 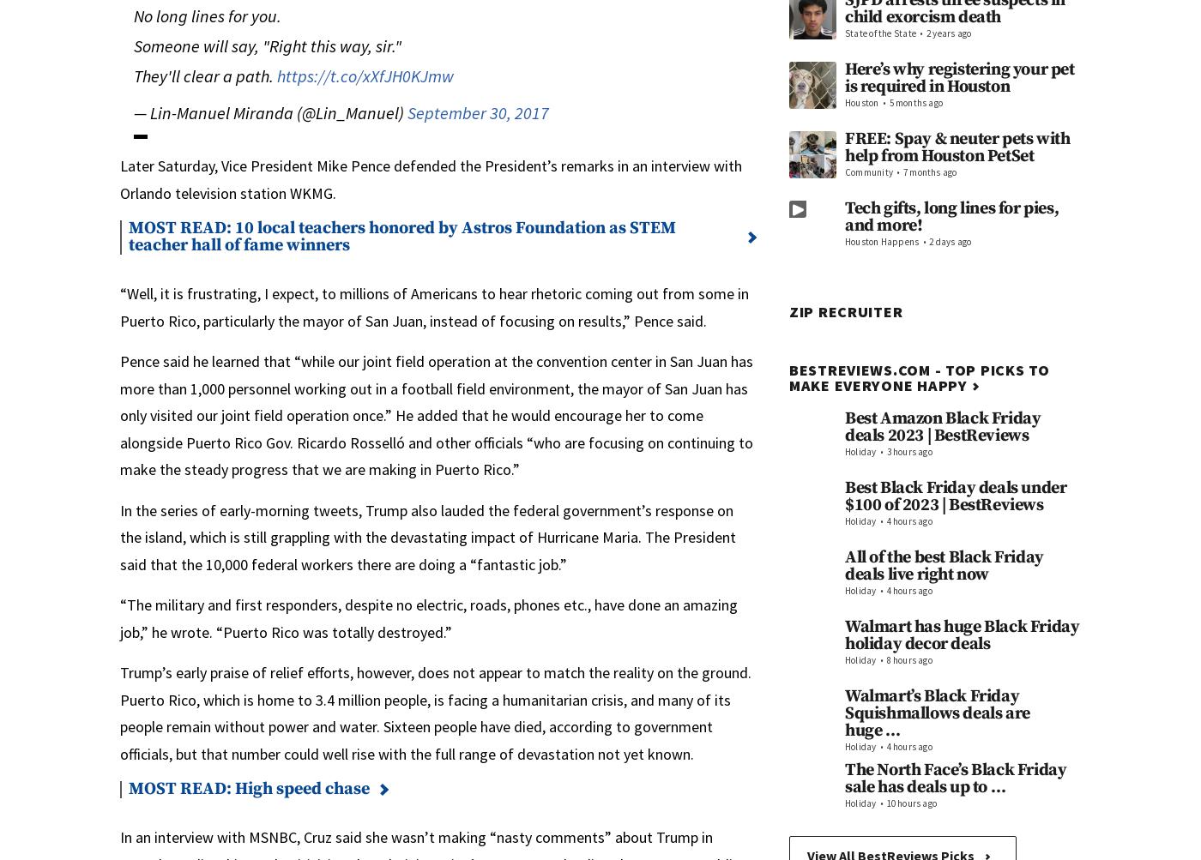 I want to click on '“The military and first responders, despite no electric, roads, phones etc., have done an amazing job,” he wrote. “Puerto Rico was totally destroyed.”', so click(x=428, y=616).